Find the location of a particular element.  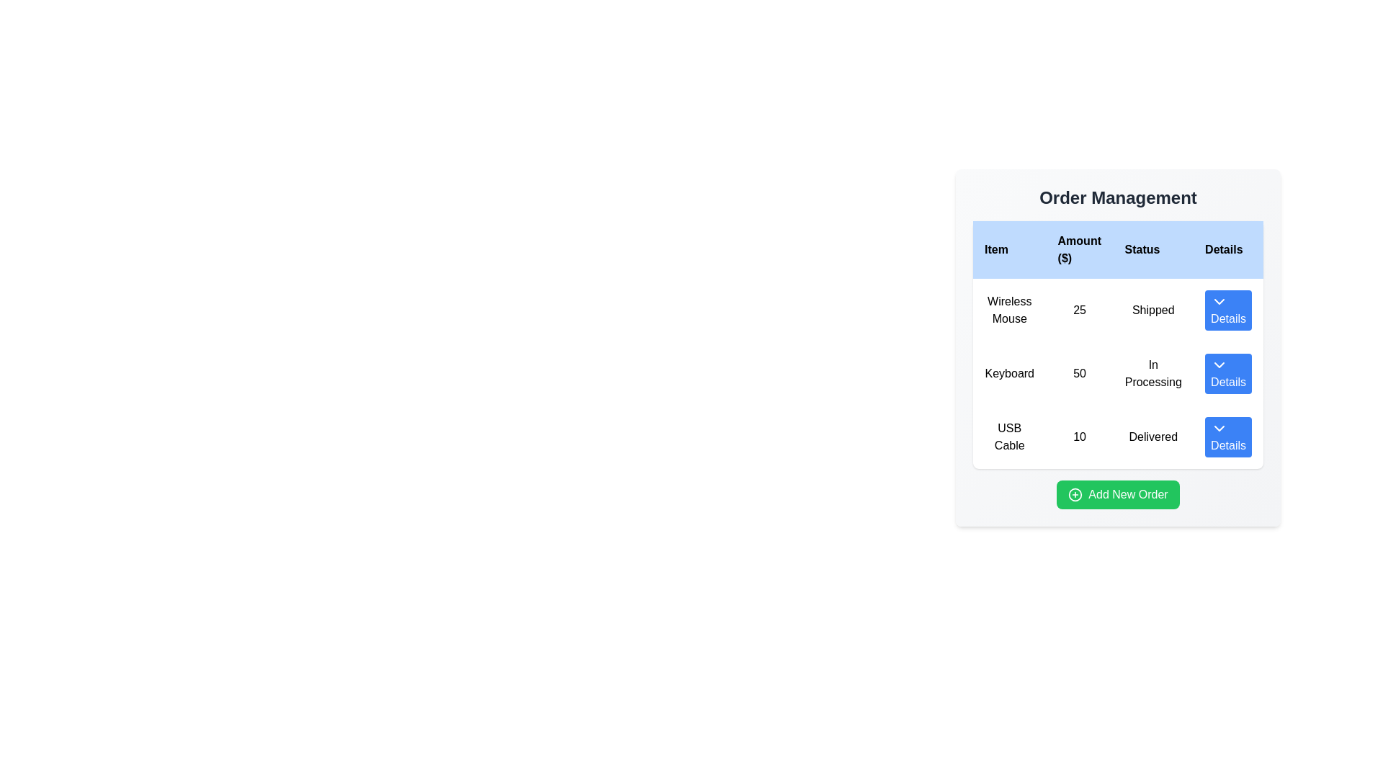

the static text label indicating the shipping status of the 'Wireless Mouse', located in the third column of the first row under the 'Status' header is located at coordinates (1153, 310).